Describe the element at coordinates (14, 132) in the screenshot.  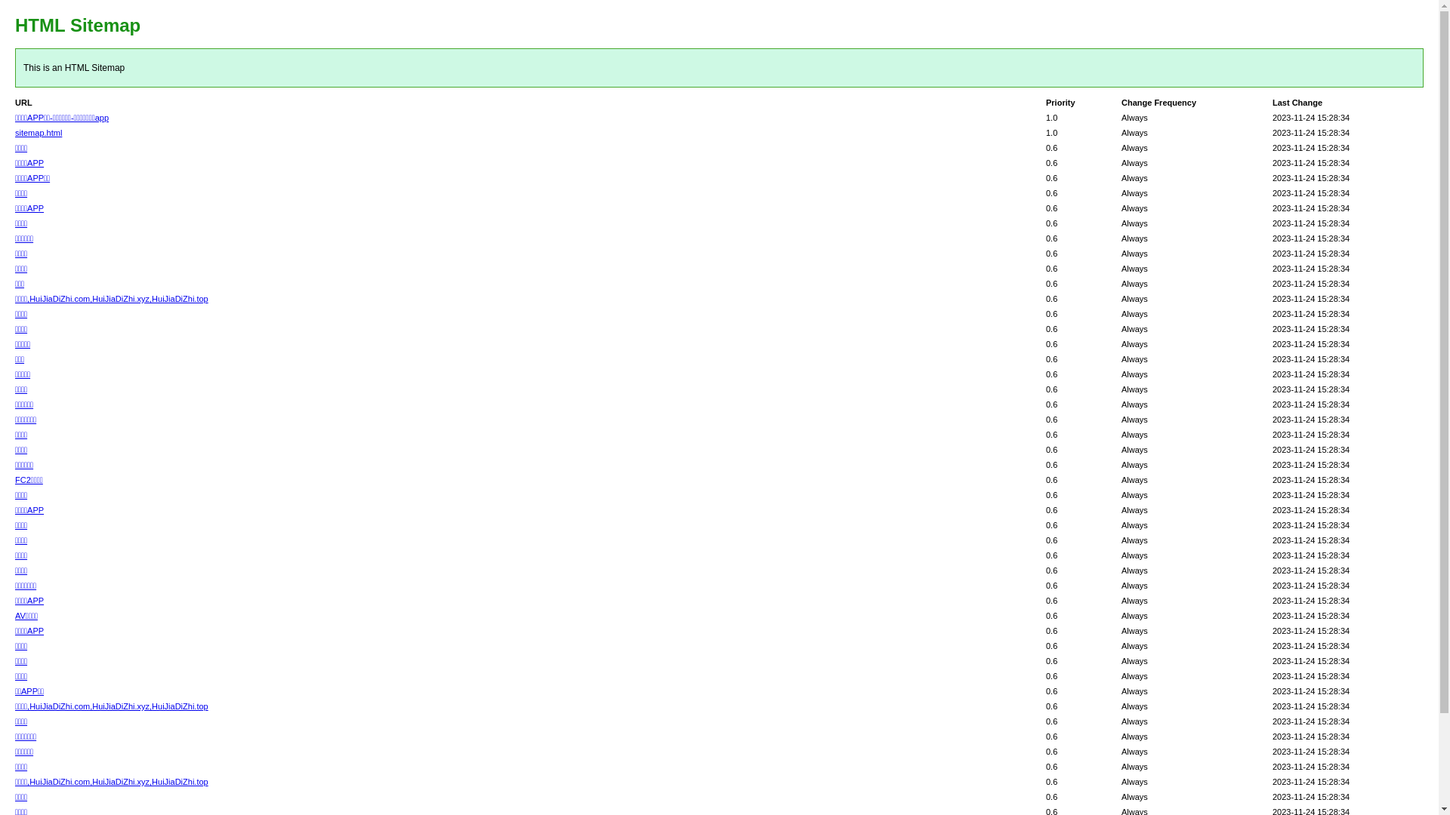
I see `'sitemap.html'` at that location.